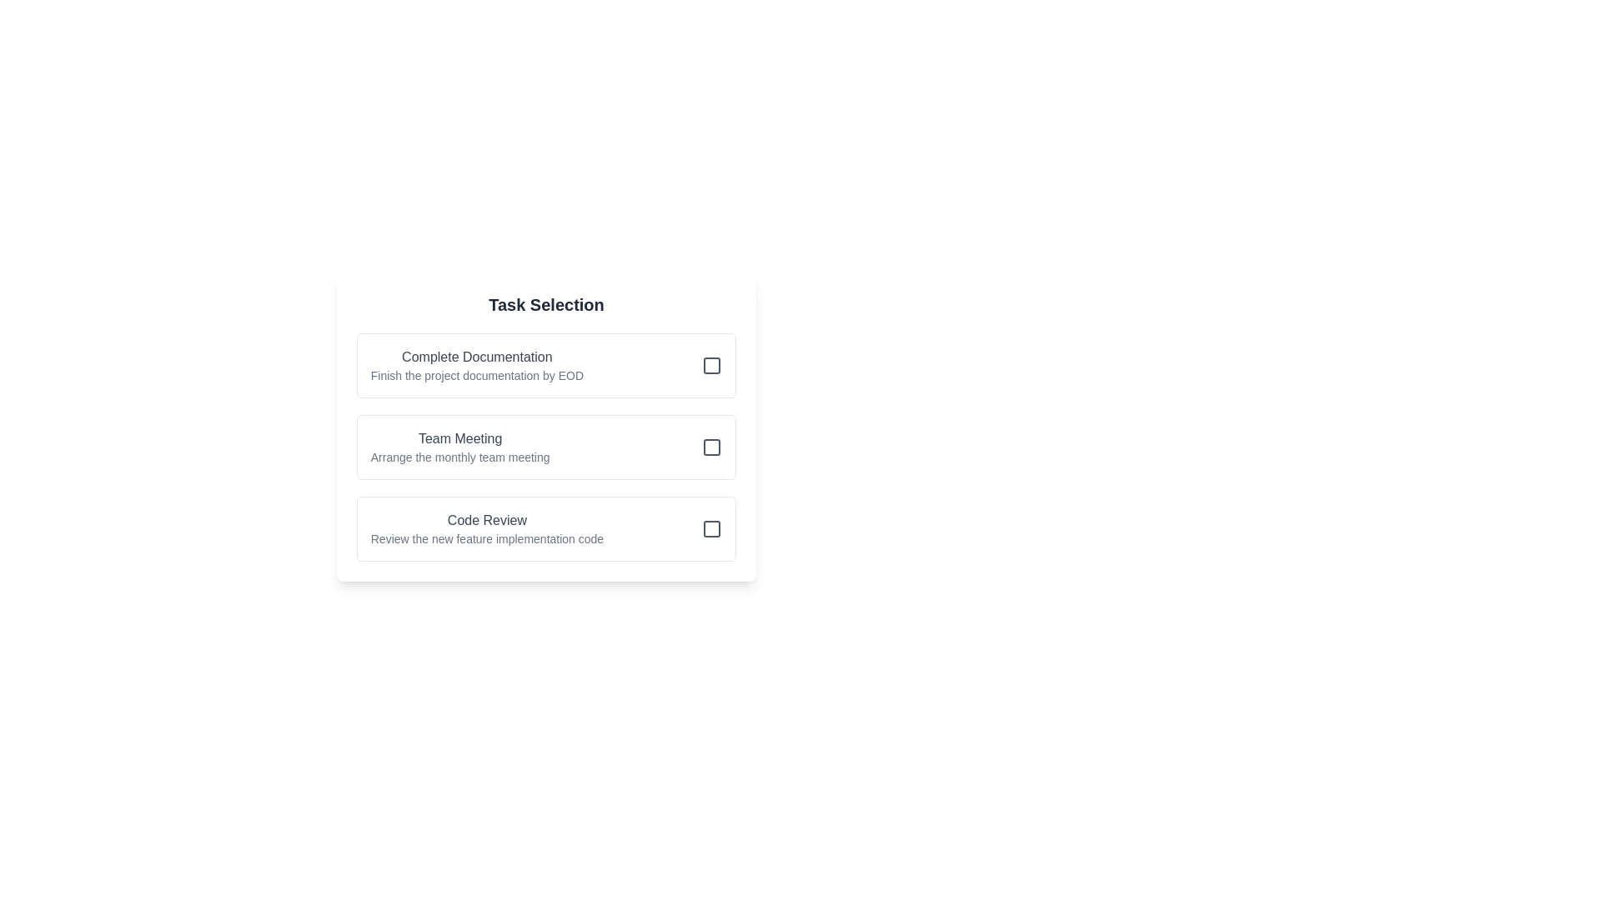 Image resolution: width=1601 pixels, height=900 pixels. I want to click on the non-interactive text element that provides additional information about the 'Team Meeting' task, positioned directly below the 'Team Meeting' title, so click(460, 457).